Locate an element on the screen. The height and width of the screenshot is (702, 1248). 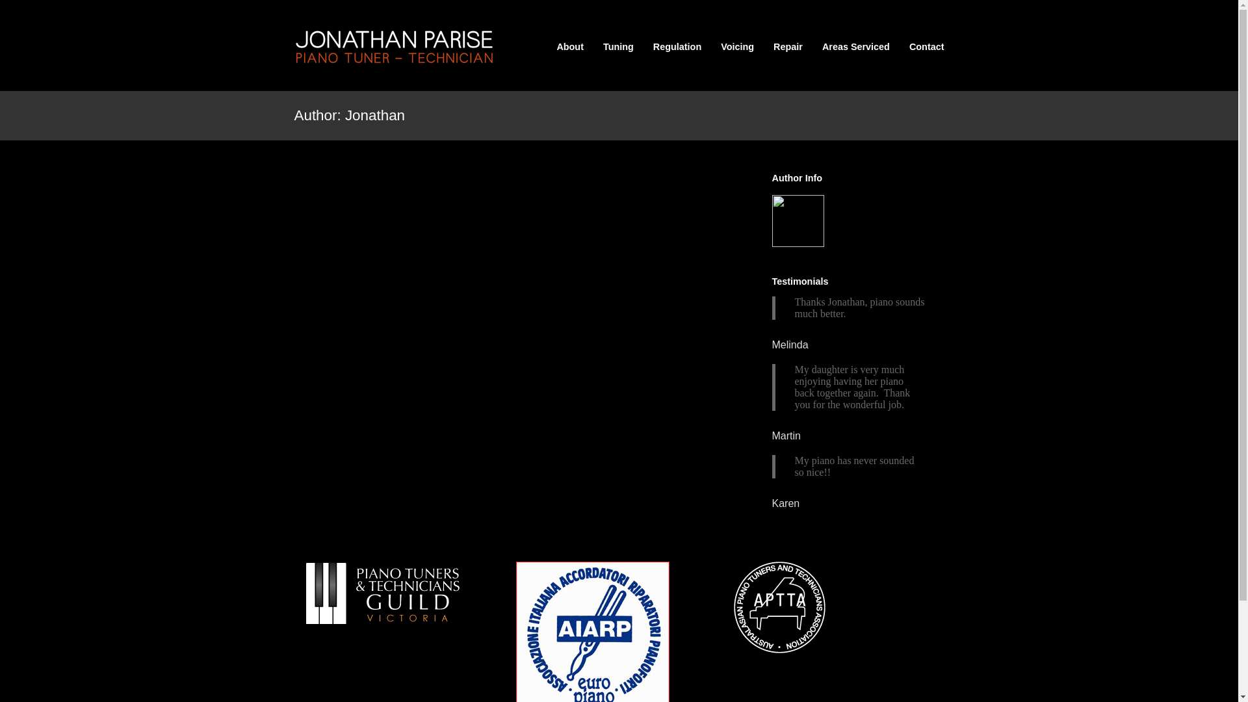
'Areas Serviced' is located at coordinates (855, 46).